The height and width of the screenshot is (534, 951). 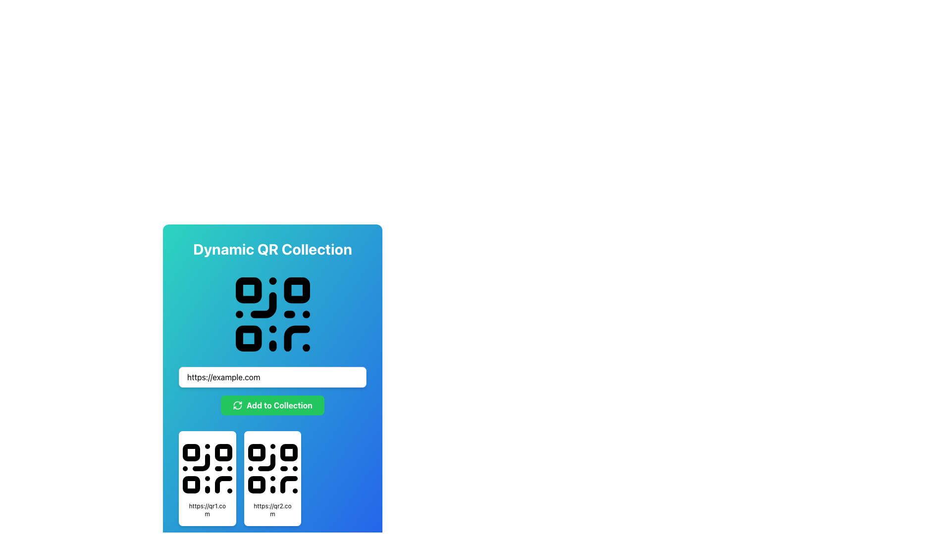 What do you see at coordinates (207, 510) in the screenshot?
I see `the text label displaying the URL 'https://qr1.com', which is styled with a small font size and positioned in the lower region of a card-like component` at bounding box center [207, 510].